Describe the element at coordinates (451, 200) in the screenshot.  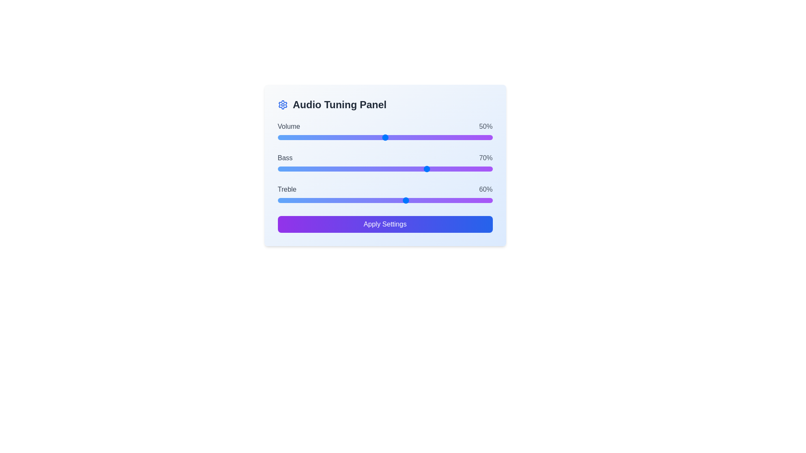
I see `the slider's value` at that location.